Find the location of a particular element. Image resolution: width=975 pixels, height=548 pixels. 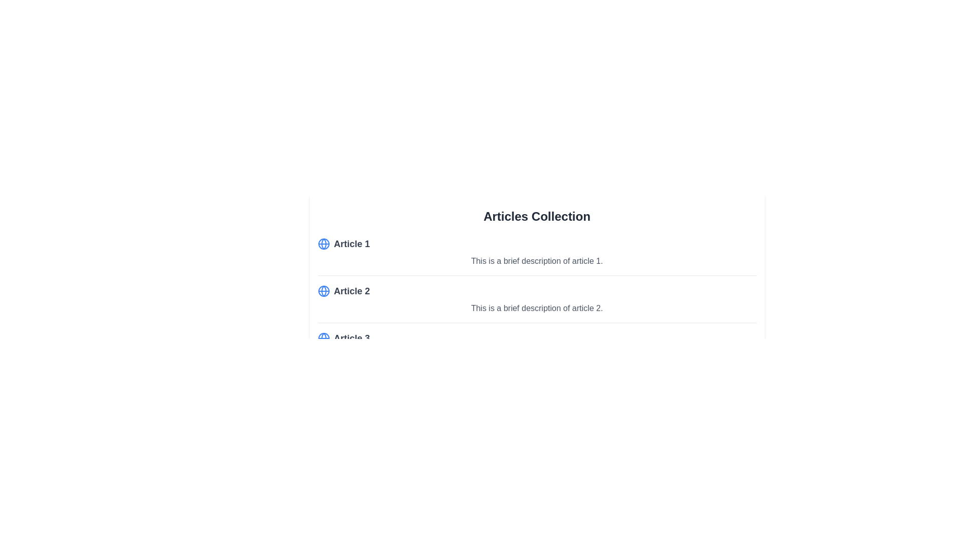

the text of the first content block titled 'Article 1' with the description 'This is a brief description of article 1.' located under the 'Articles Collection' is located at coordinates (536, 256).